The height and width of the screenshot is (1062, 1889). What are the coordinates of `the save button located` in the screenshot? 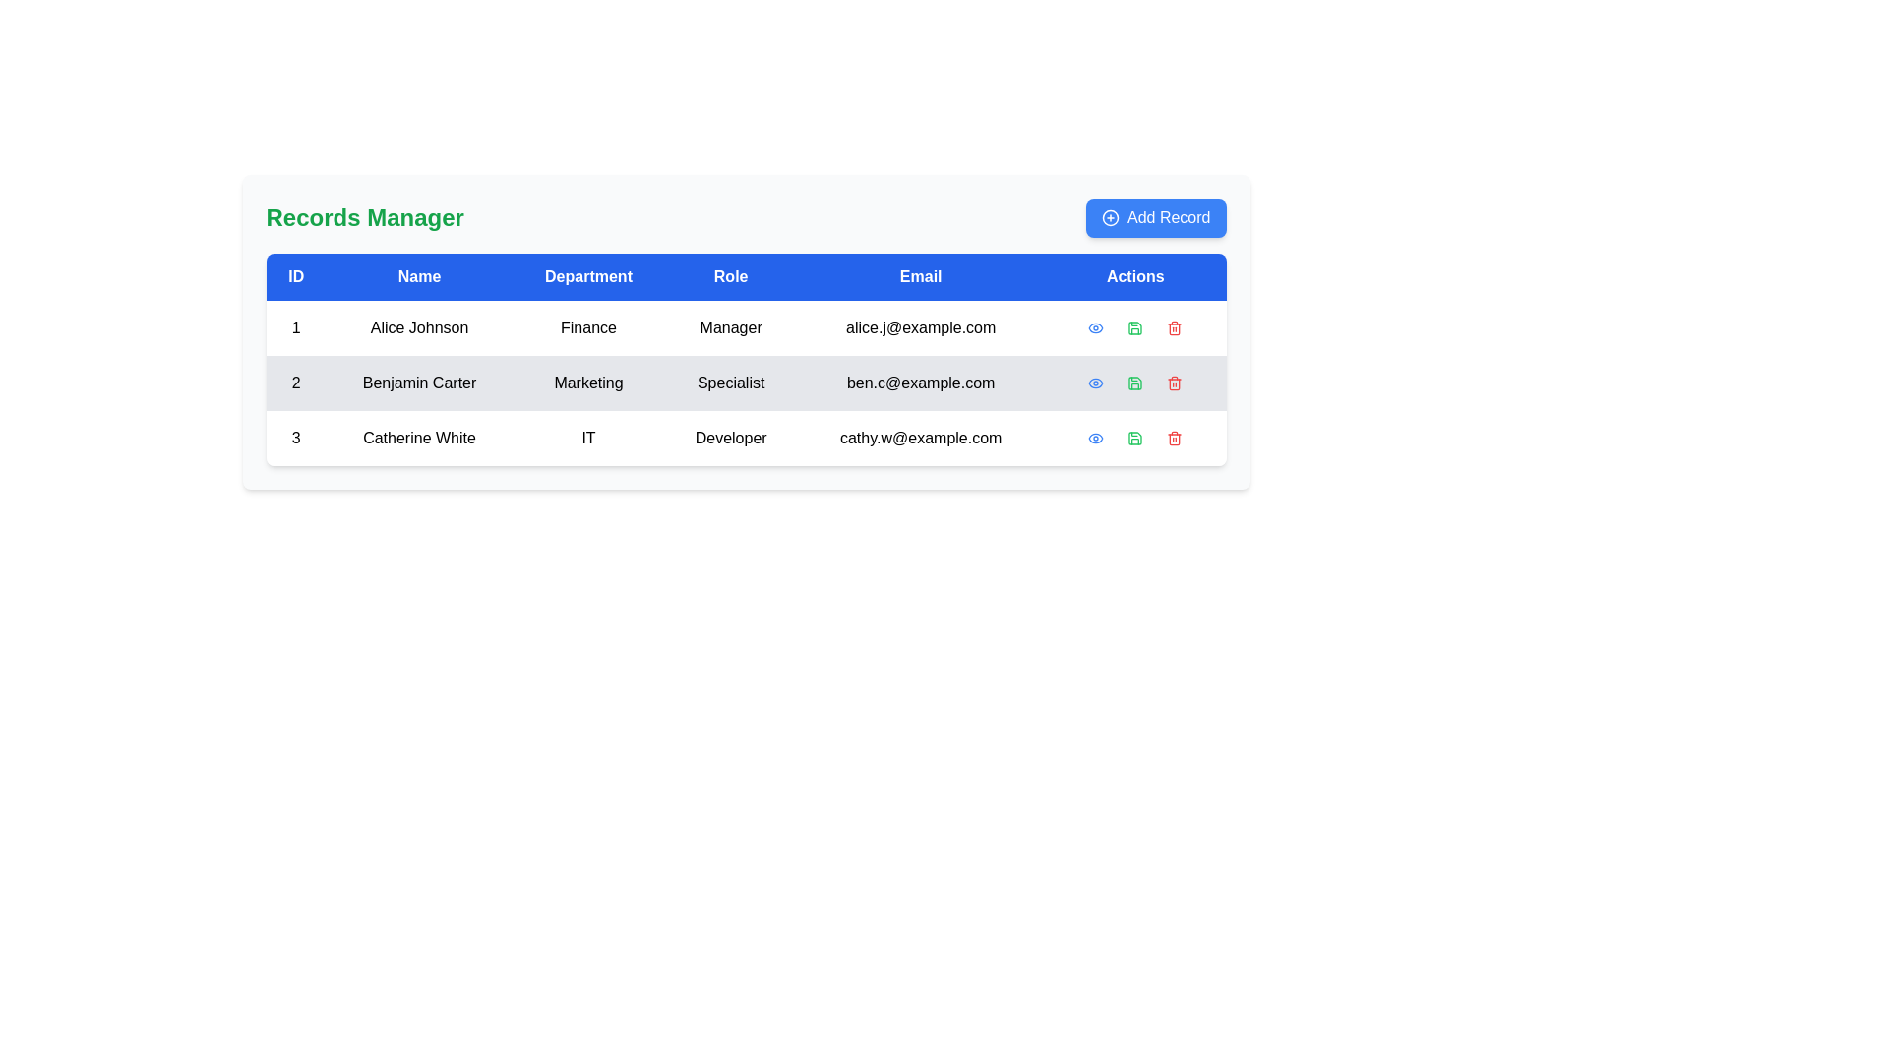 It's located at (1135, 383).